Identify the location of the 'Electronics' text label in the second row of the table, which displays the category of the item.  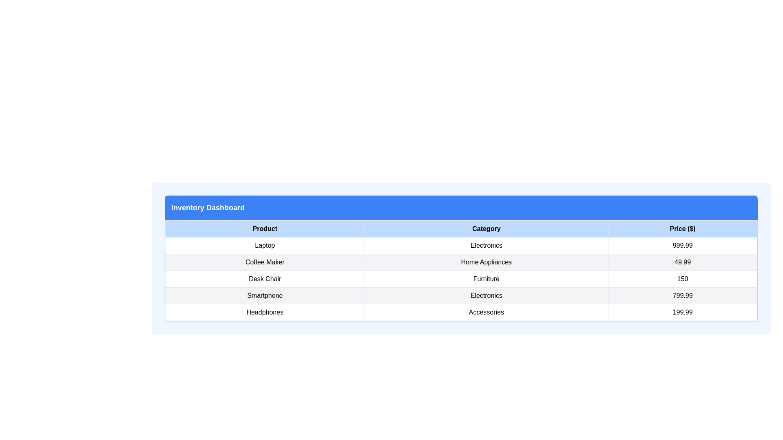
(486, 245).